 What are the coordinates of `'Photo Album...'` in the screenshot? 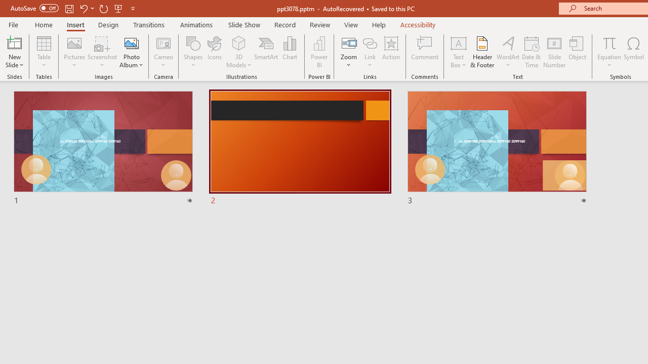 It's located at (131, 52).